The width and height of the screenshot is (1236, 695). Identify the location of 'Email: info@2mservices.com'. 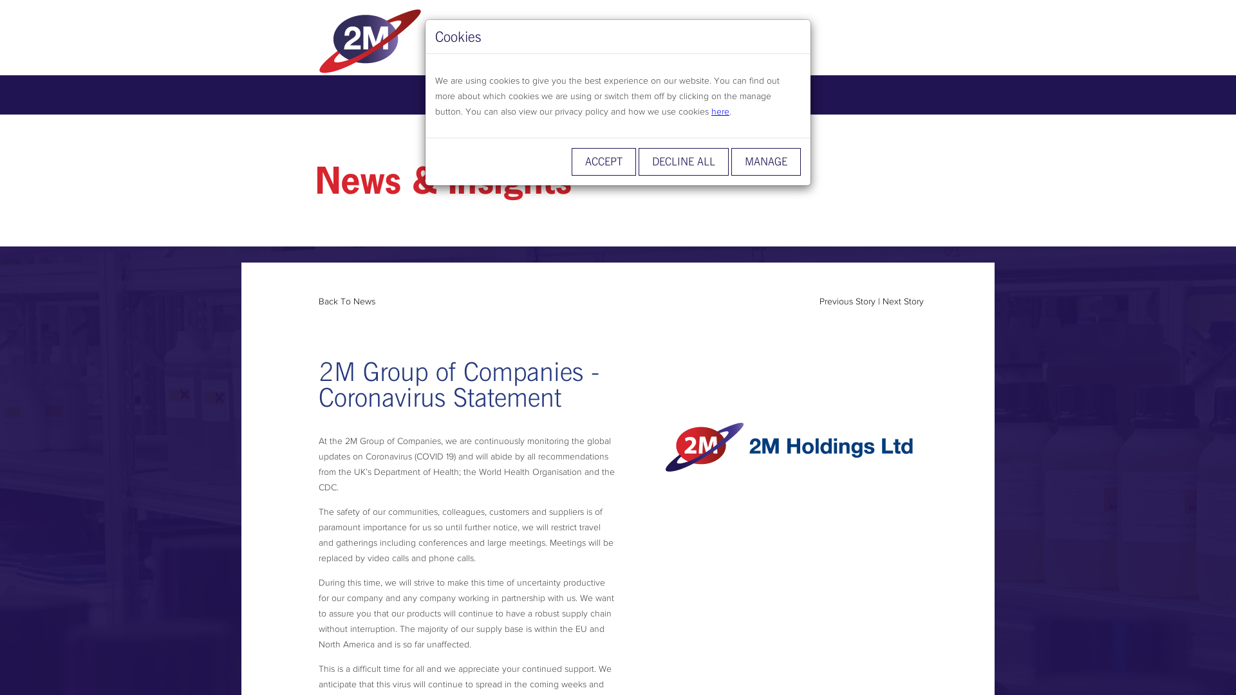
(691, 42).